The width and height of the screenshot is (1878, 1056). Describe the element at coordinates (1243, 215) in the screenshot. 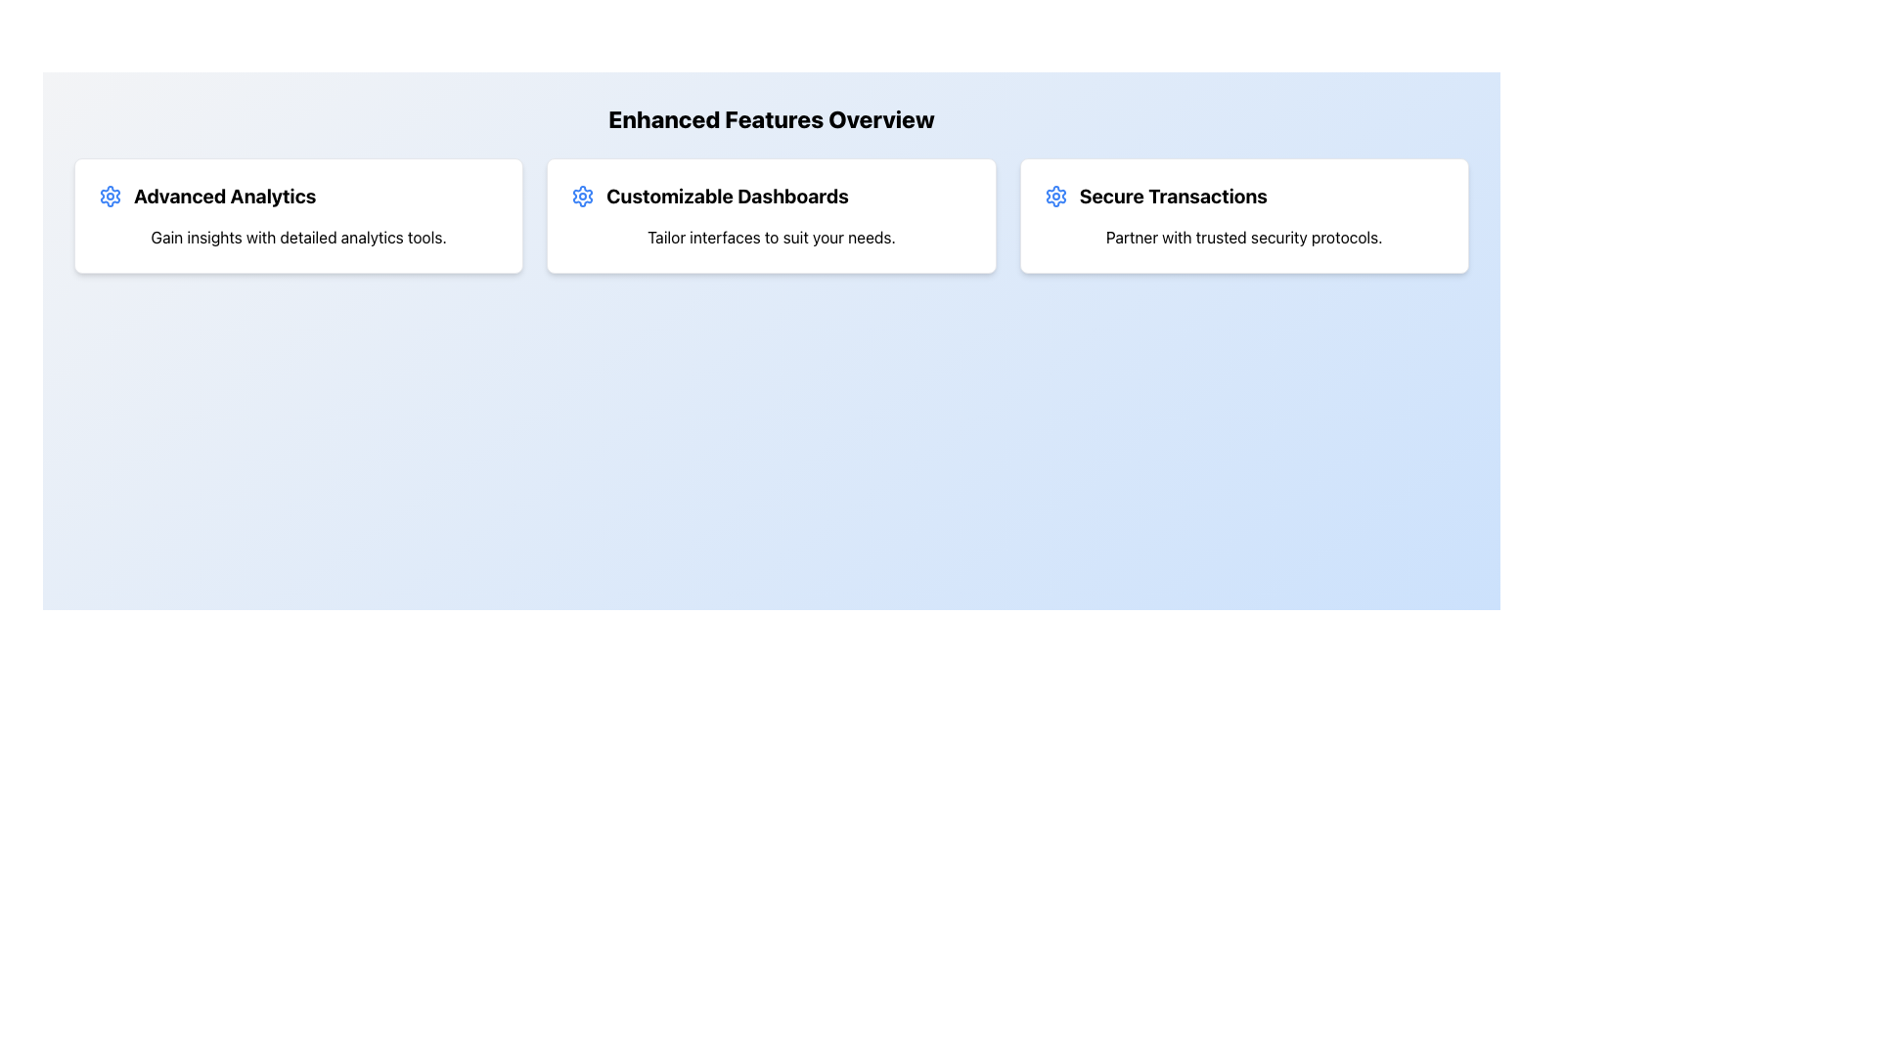

I see `the 'Secure Transactions' card` at that location.